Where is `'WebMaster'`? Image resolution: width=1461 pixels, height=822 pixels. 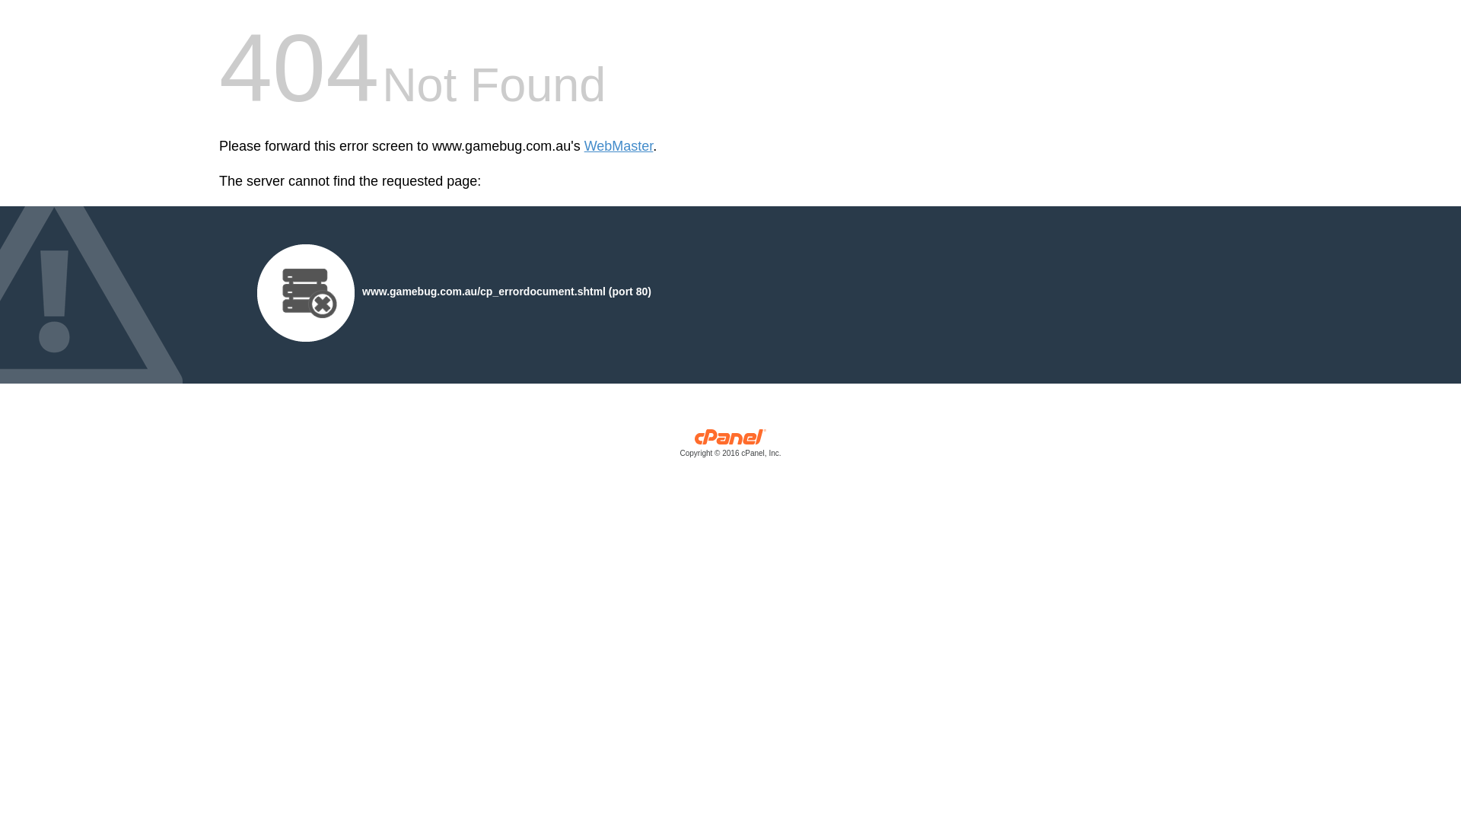
'WebMaster' is located at coordinates (619, 146).